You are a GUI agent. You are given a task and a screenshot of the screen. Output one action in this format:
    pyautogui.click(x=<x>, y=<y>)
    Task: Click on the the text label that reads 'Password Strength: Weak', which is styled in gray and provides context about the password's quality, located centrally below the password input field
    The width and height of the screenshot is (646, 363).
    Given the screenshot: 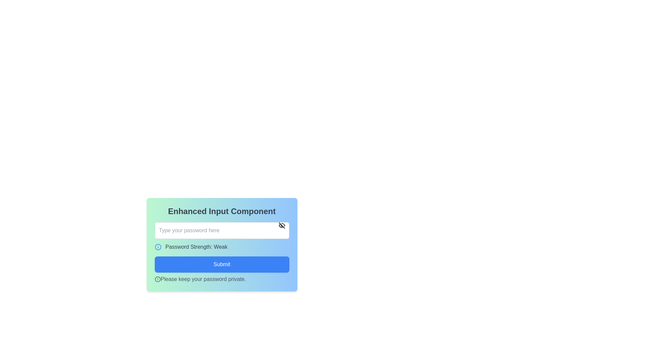 What is the action you would take?
    pyautogui.click(x=196, y=247)
    